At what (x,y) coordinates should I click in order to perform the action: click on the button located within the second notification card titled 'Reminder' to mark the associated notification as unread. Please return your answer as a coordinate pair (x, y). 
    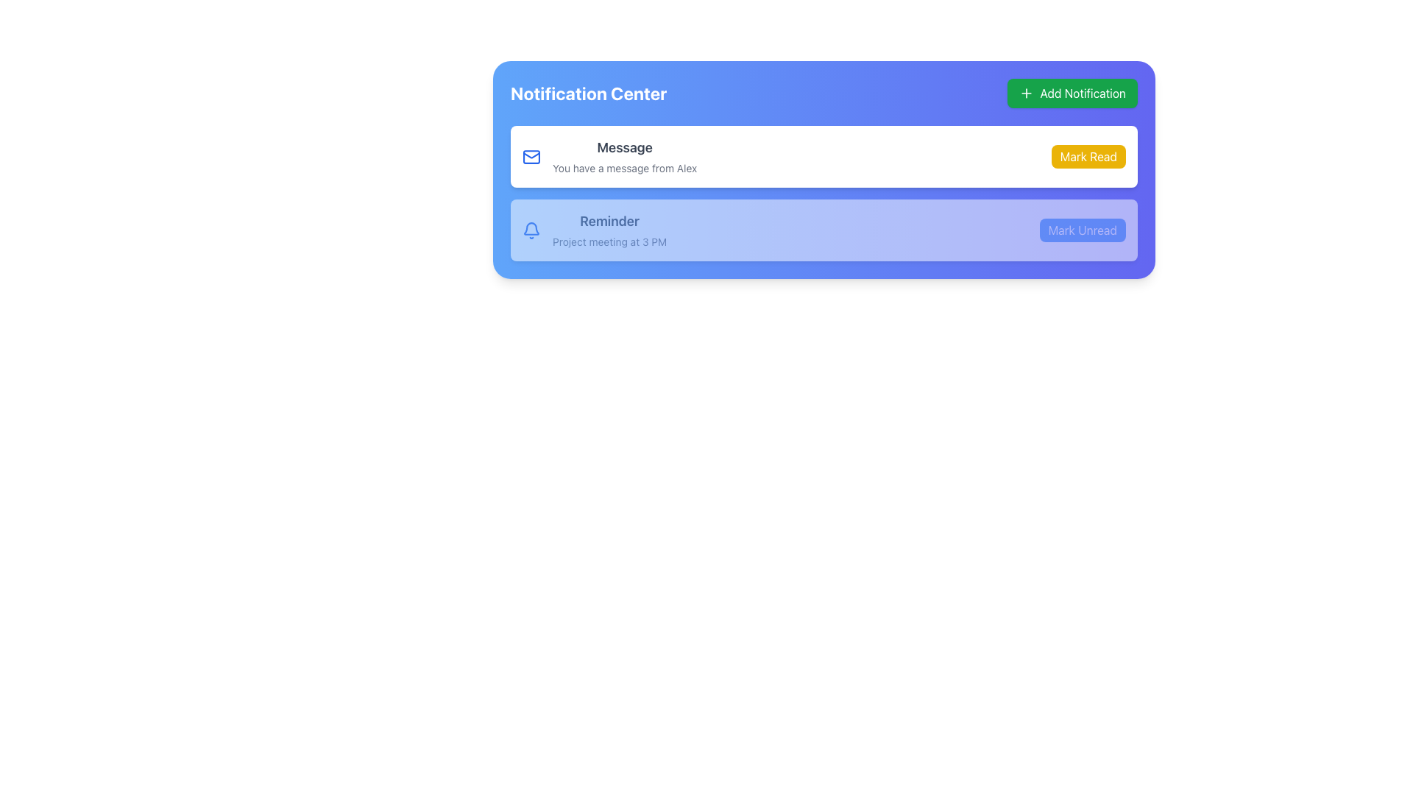
    Looking at the image, I should click on (1083, 230).